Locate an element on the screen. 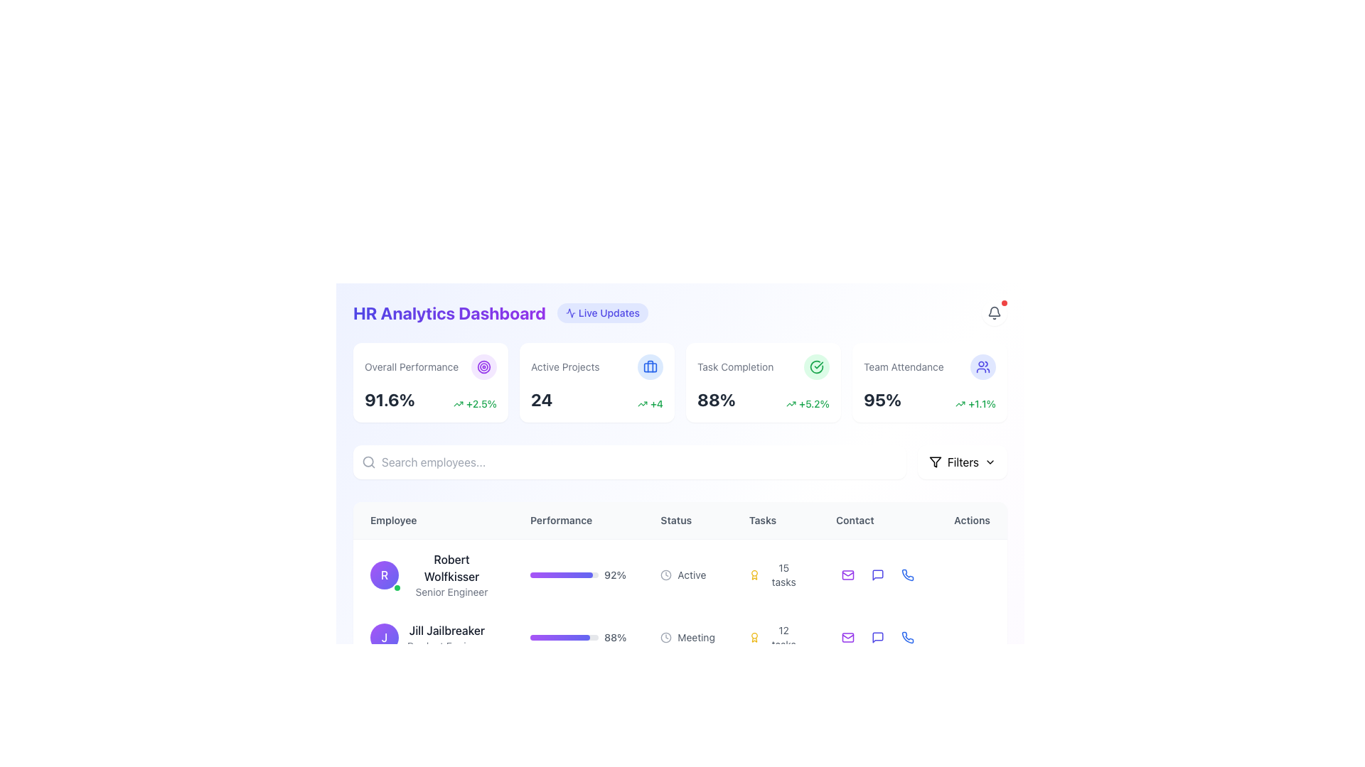 This screenshot has width=1365, height=767. the small activity graph icon within the 'Live Updates' badge, which is styled with a minimalistic vector design and located to the left of the 'Live Updates' text is located at coordinates (570, 312).